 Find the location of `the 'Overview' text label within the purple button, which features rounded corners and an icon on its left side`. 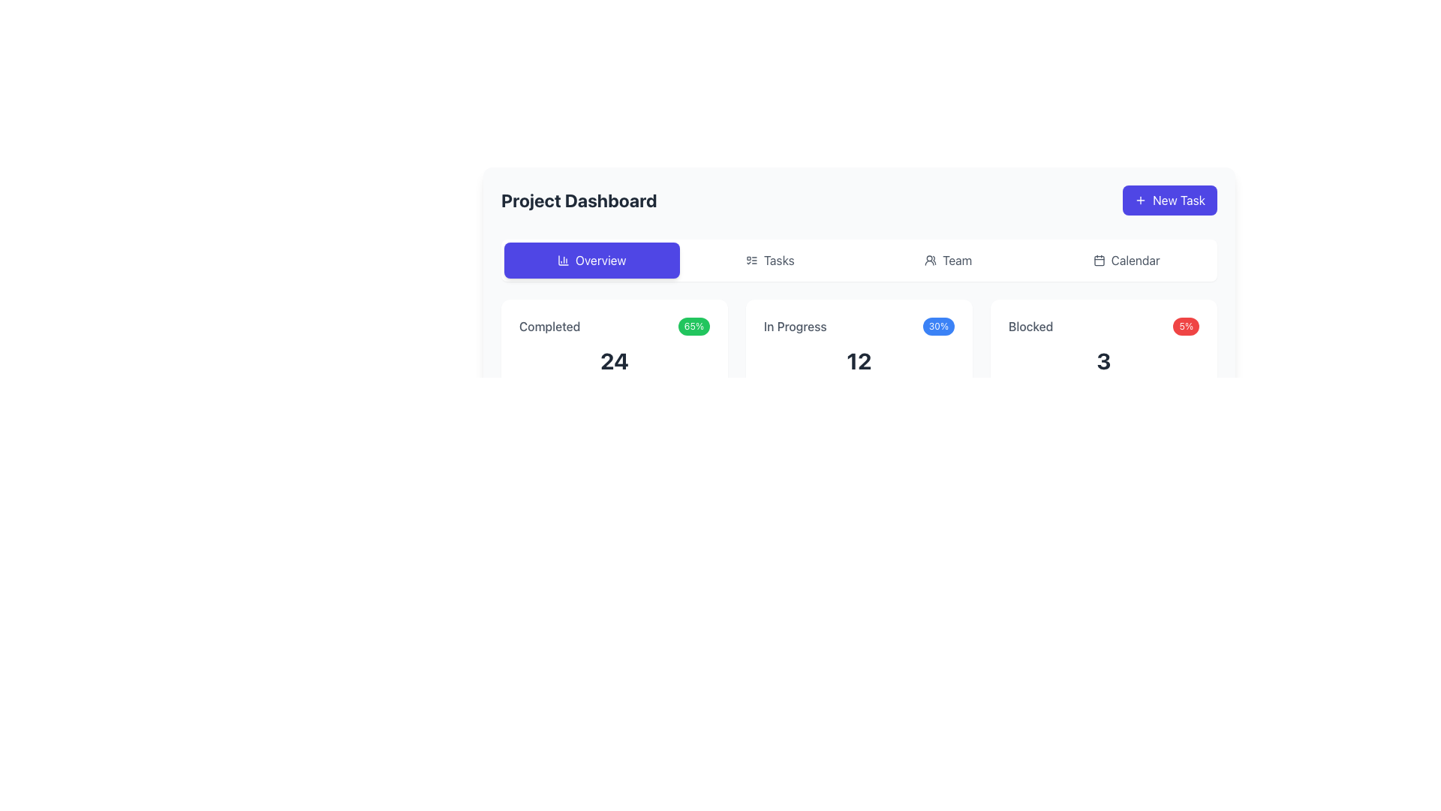

the 'Overview' text label within the purple button, which features rounded corners and an icon on its left side is located at coordinates (600, 260).